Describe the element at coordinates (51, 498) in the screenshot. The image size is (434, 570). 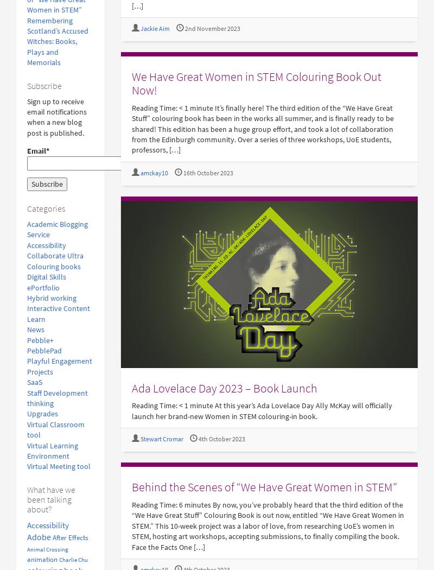
I see `'What have we been talking about?'` at that location.